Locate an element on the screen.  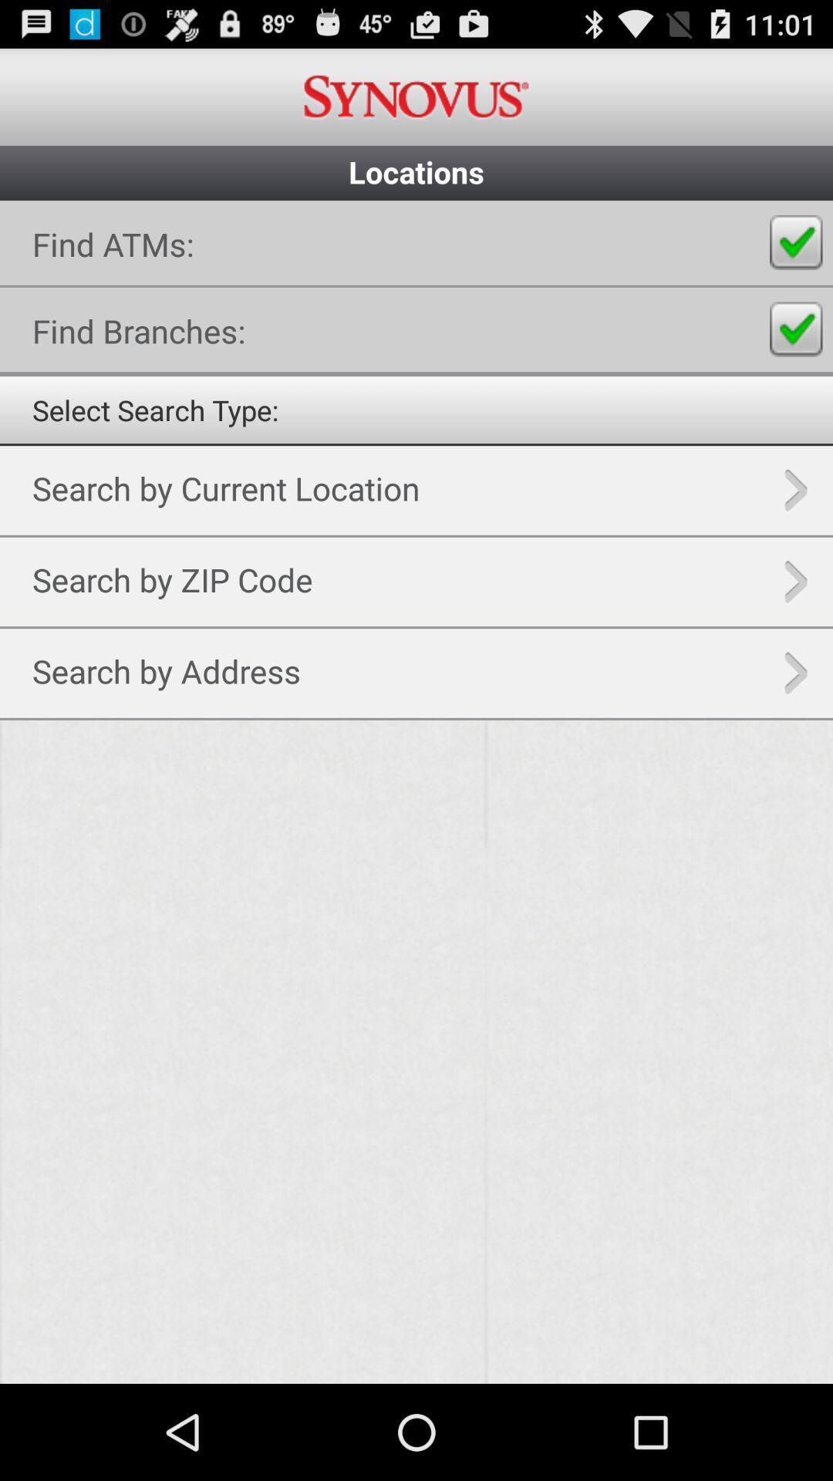
synovus locations page is located at coordinates (416, 792).